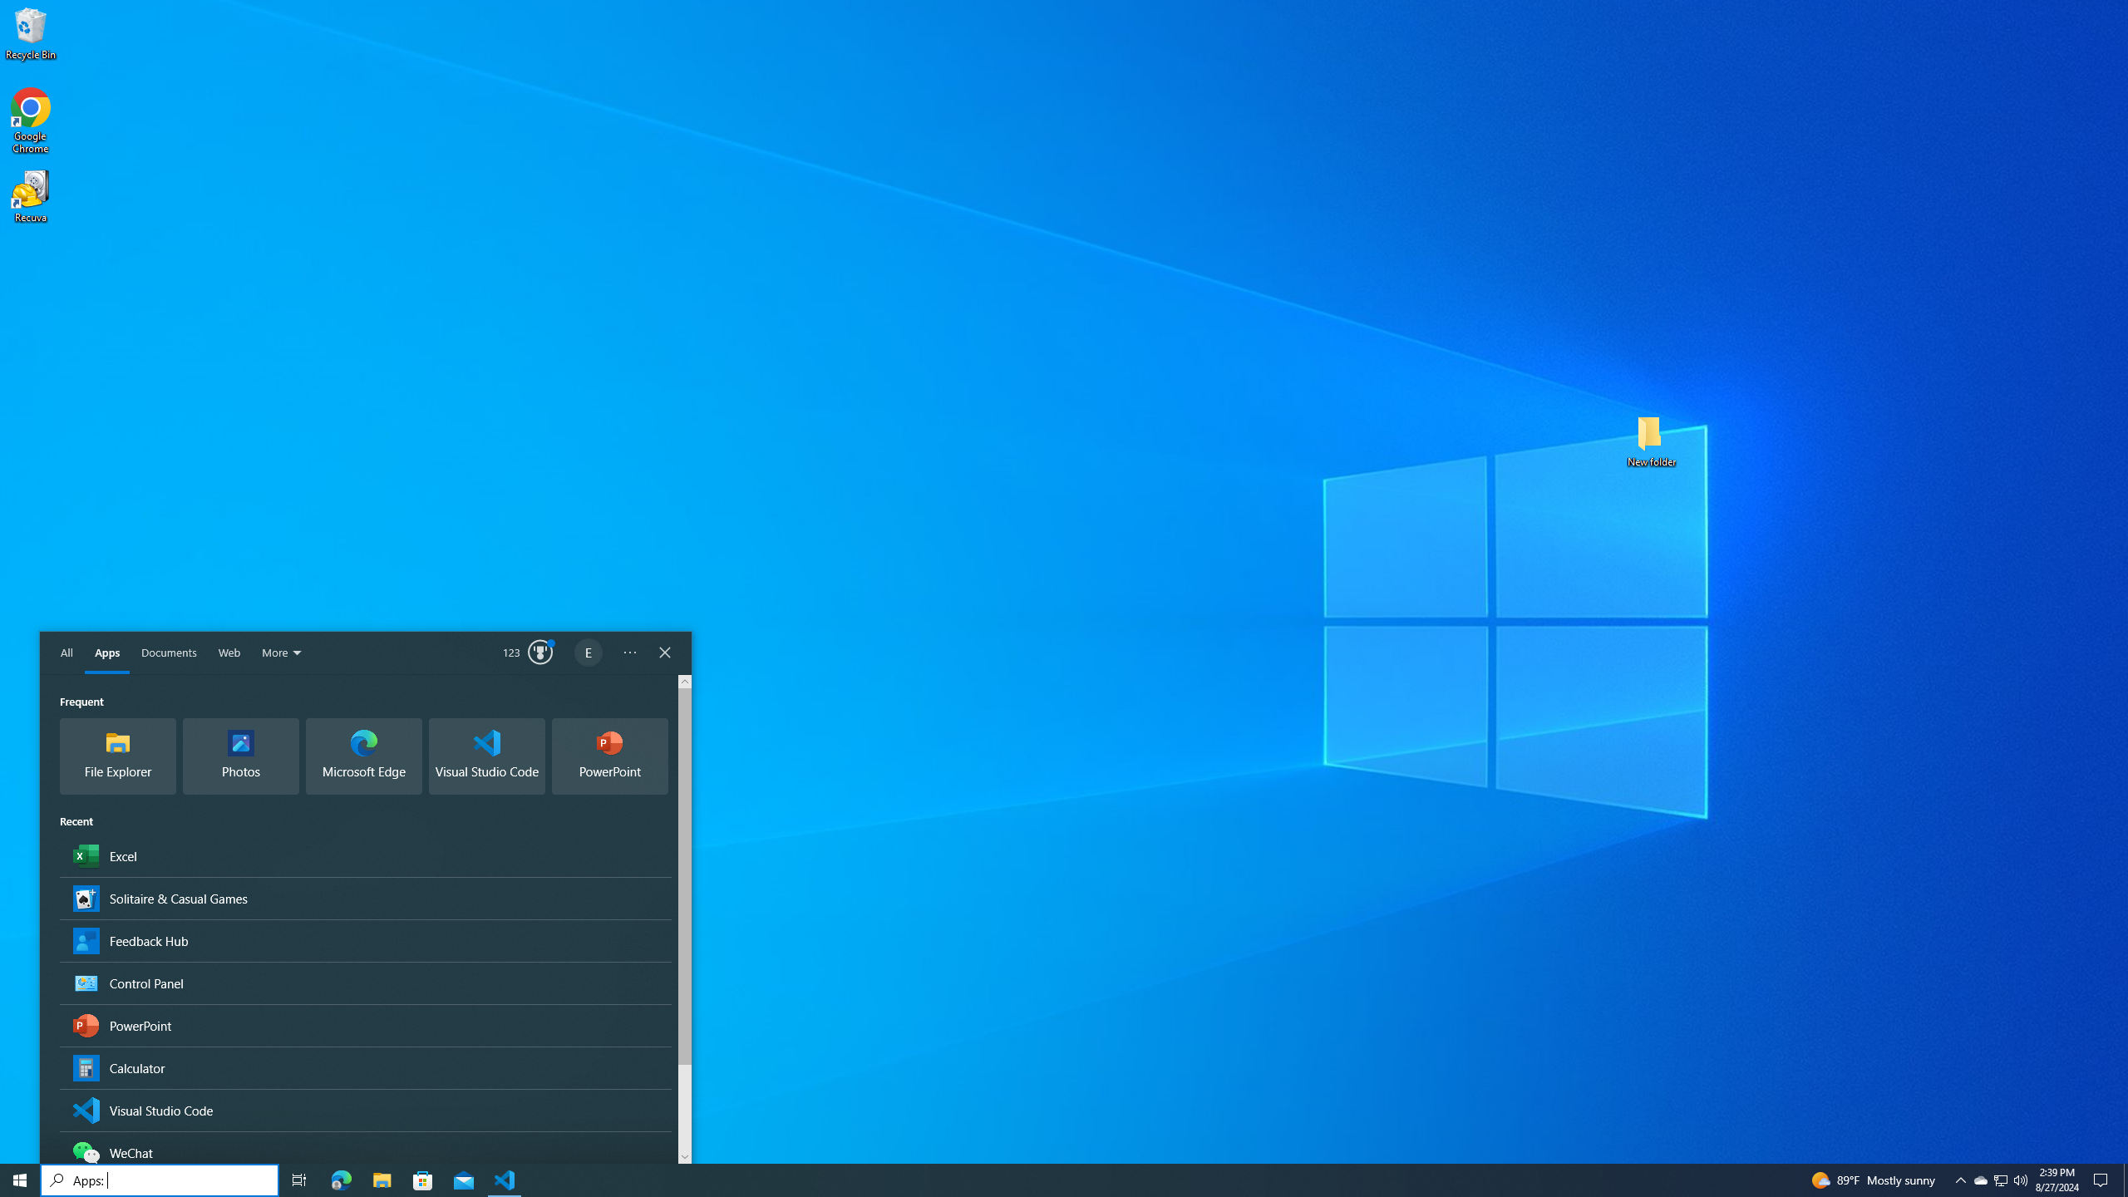  What do you see at coordinates (66, 653) in the screenshot?
I see `'All'` at bounding box center [66, 653].